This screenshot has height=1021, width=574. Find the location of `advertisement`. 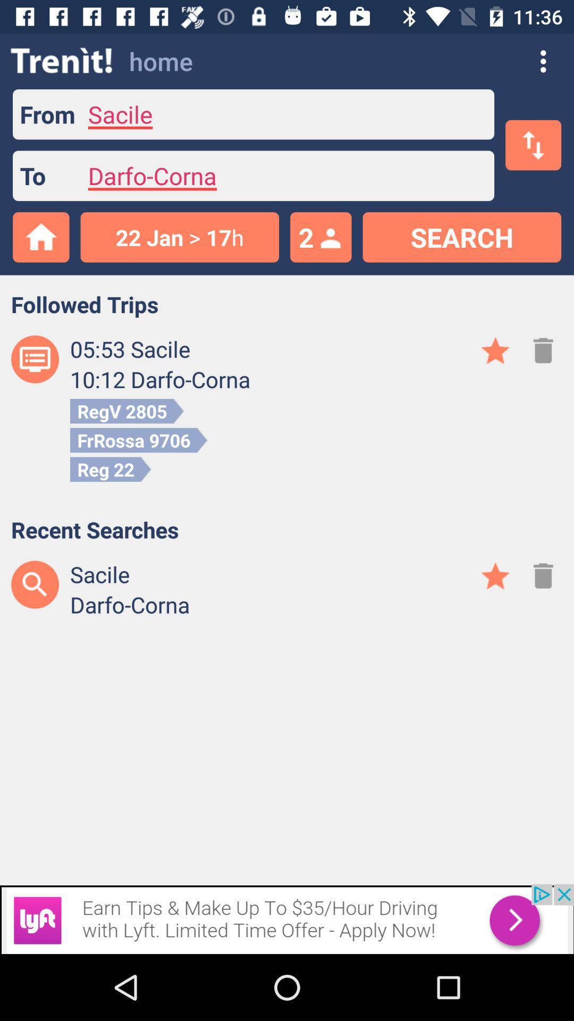

advertisement is located at coordinates (287, 918).